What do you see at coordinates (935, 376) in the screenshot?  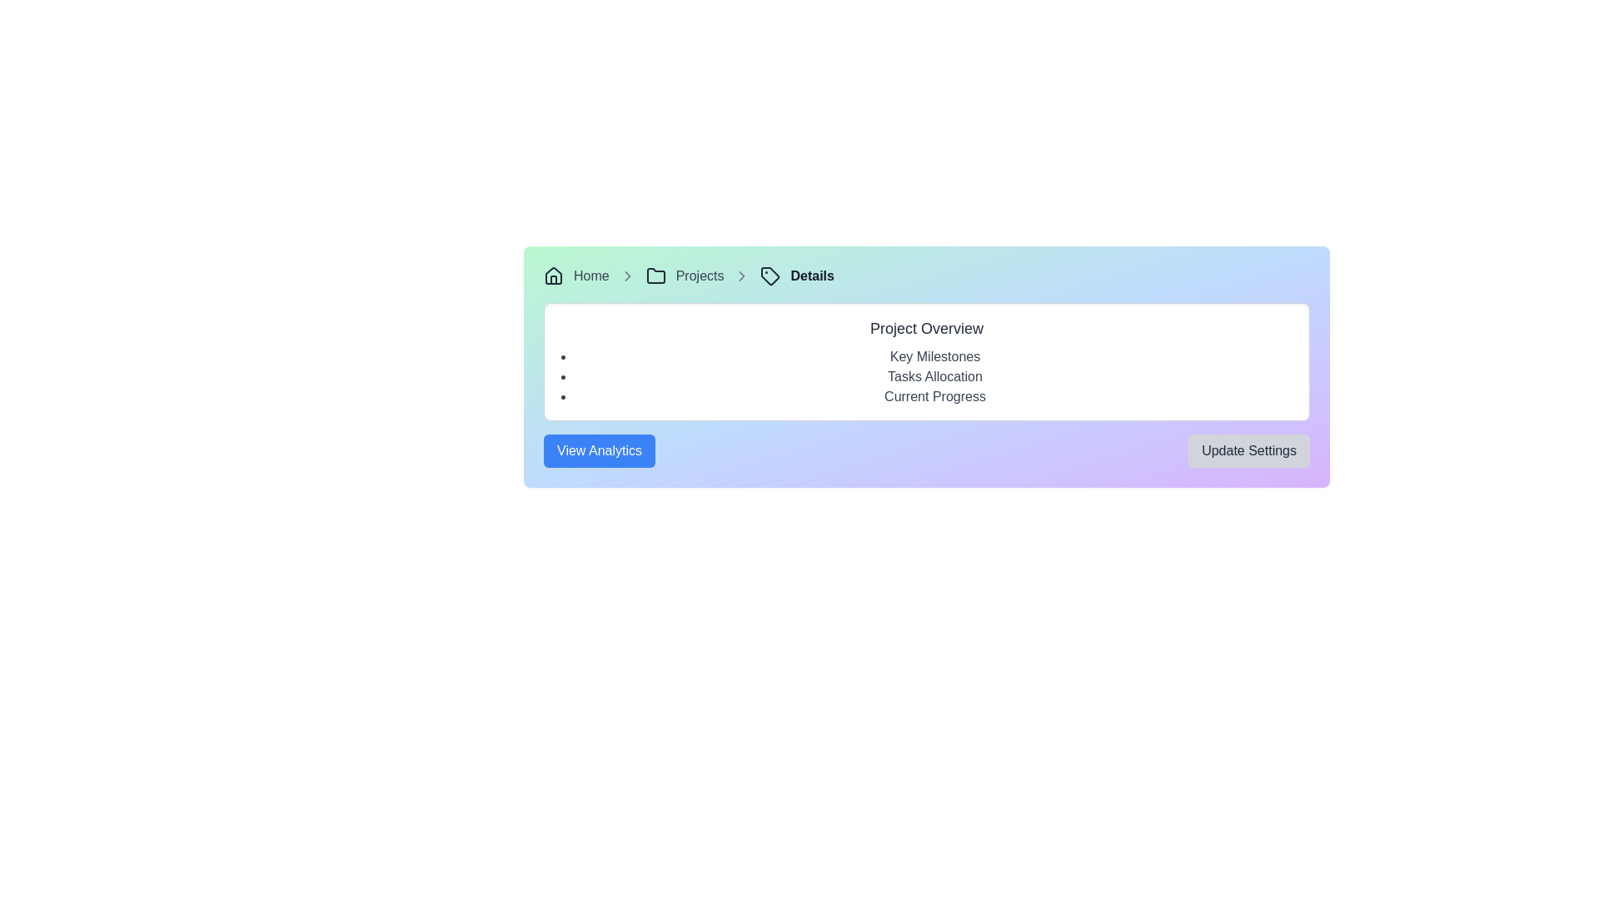 I see `the text label displaying 'Tasks Allocation', which is the second item in a vertically arranged list under the section 'Project Overview'` at bounding box center [935, 376].